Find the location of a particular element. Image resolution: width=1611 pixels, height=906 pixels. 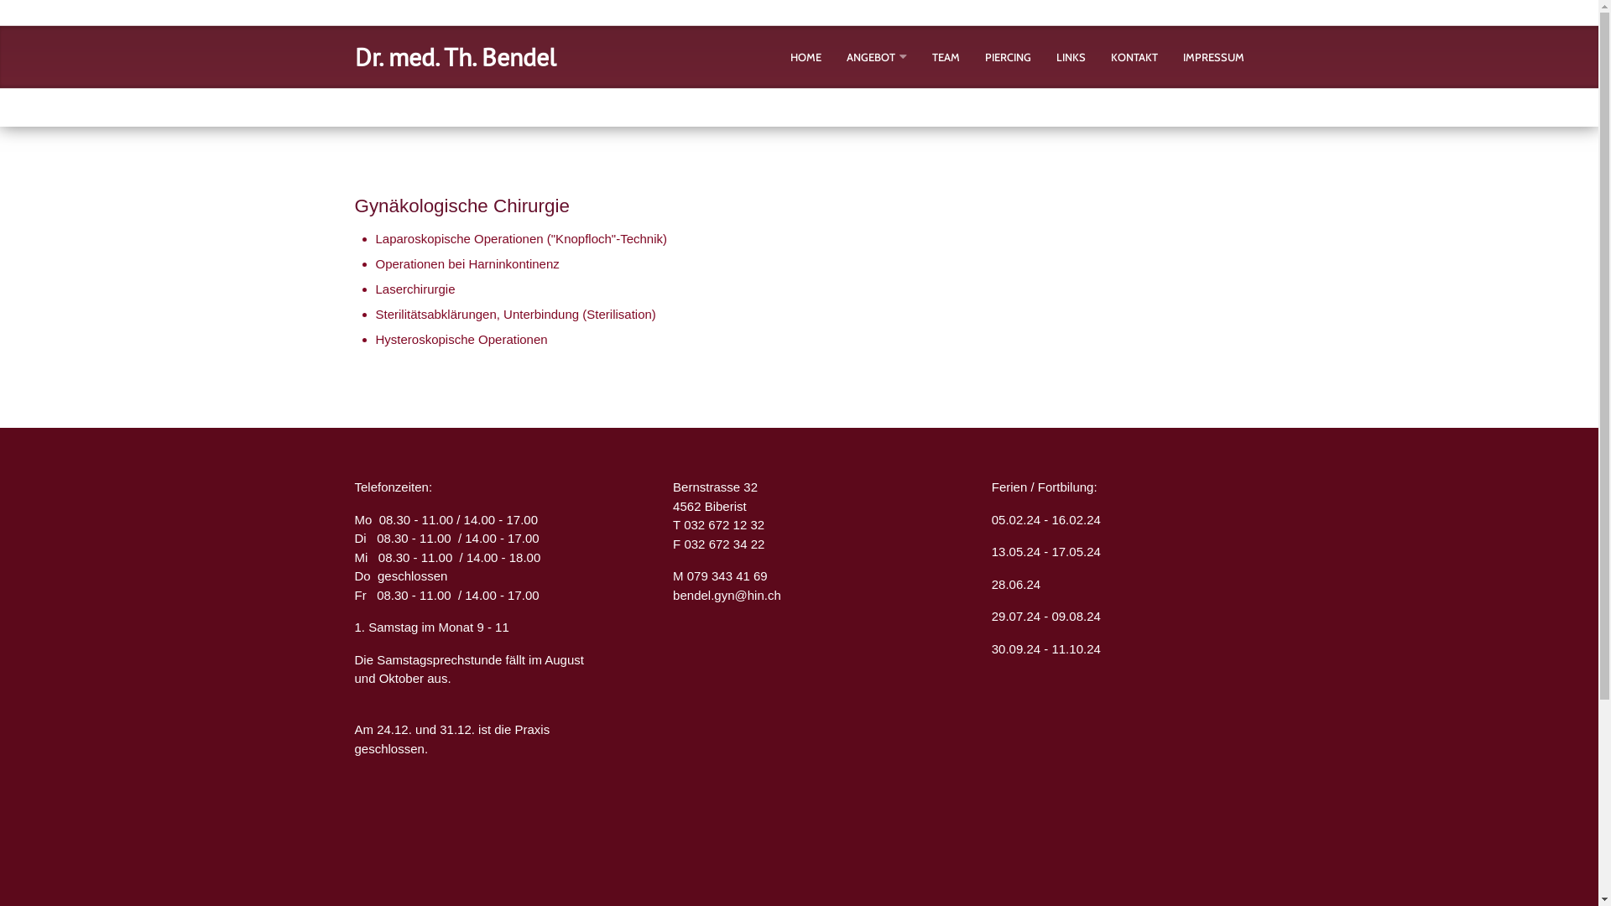

'TEAM' is located at coordinates (945, 56).